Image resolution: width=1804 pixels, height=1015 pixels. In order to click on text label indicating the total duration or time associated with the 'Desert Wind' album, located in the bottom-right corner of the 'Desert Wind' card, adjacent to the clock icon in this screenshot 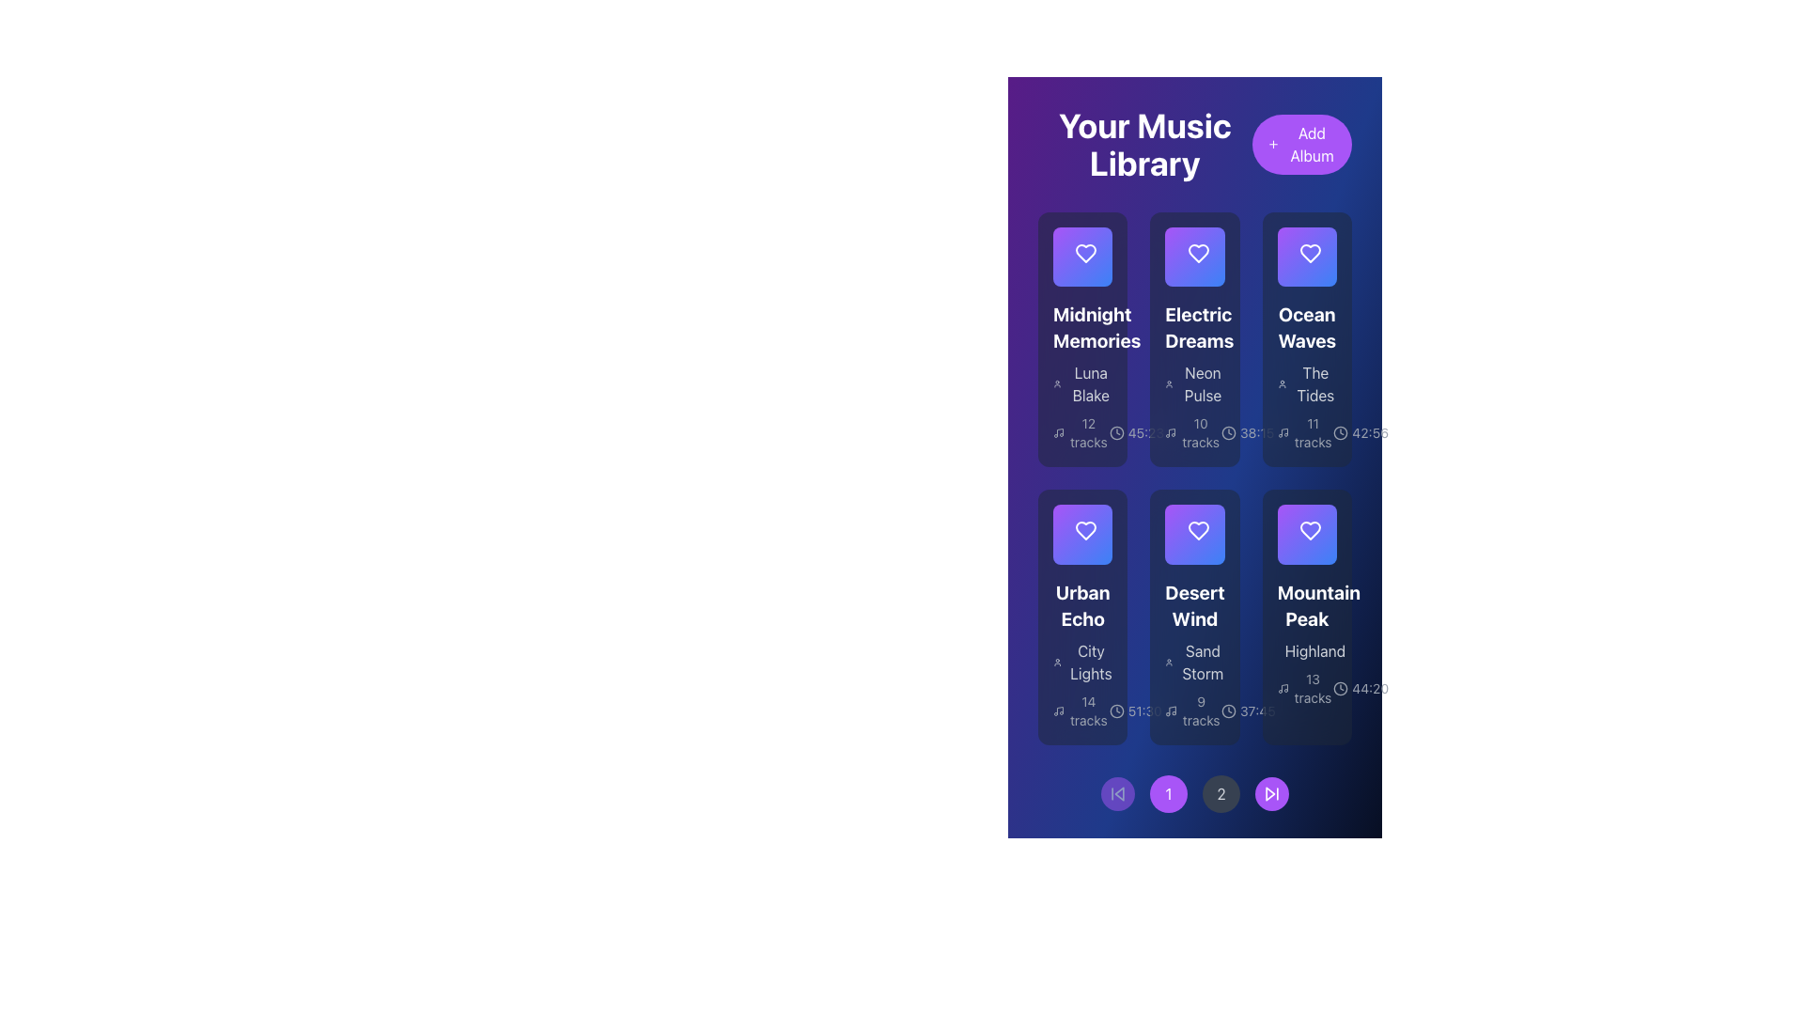, I will do `click(1257, 710)`.